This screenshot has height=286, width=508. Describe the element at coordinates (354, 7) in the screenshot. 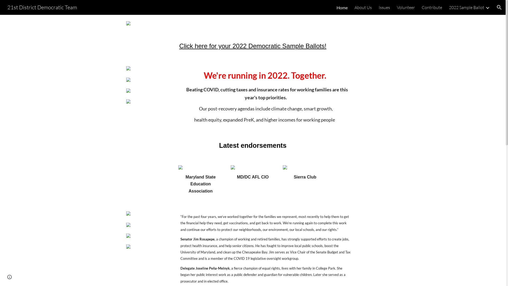

I see `'About Us'` at that location.